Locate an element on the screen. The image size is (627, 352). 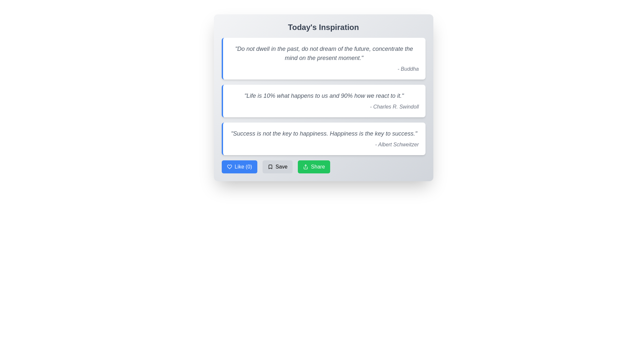
the 'Save' button located between the 'Like' button and 'Share' button in the bottom section of the card-like interface is located at coordinates (278, 167).